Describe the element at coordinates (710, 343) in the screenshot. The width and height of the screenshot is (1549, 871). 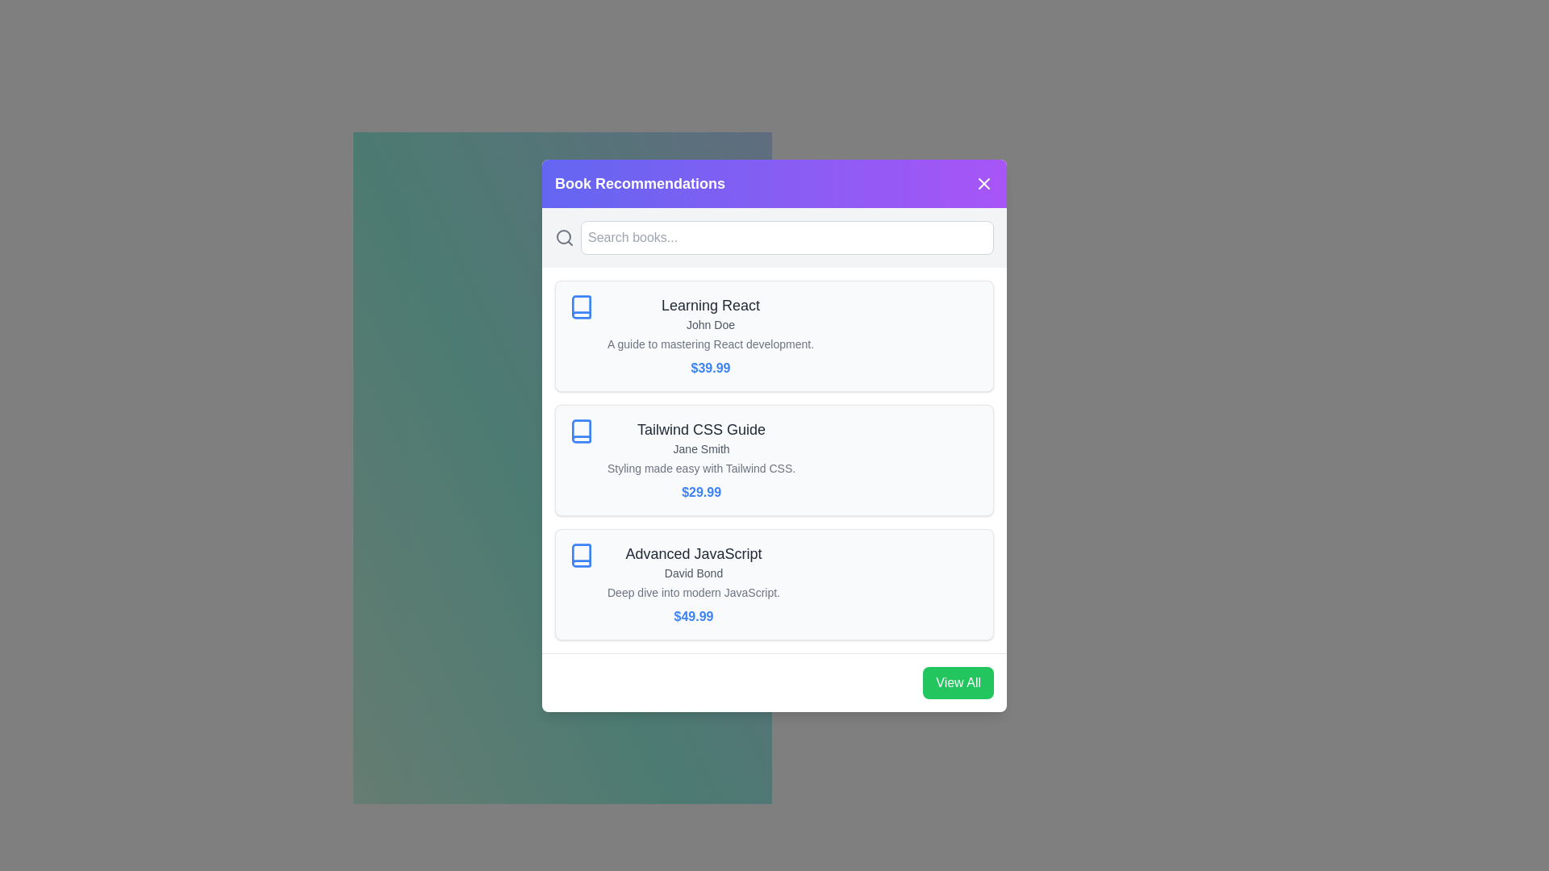
I see `the text label that reads 'A guide to mastering React development' which is a small gray font subtitle located between the author 'John Doe' and the price '$39.99'` at that location.